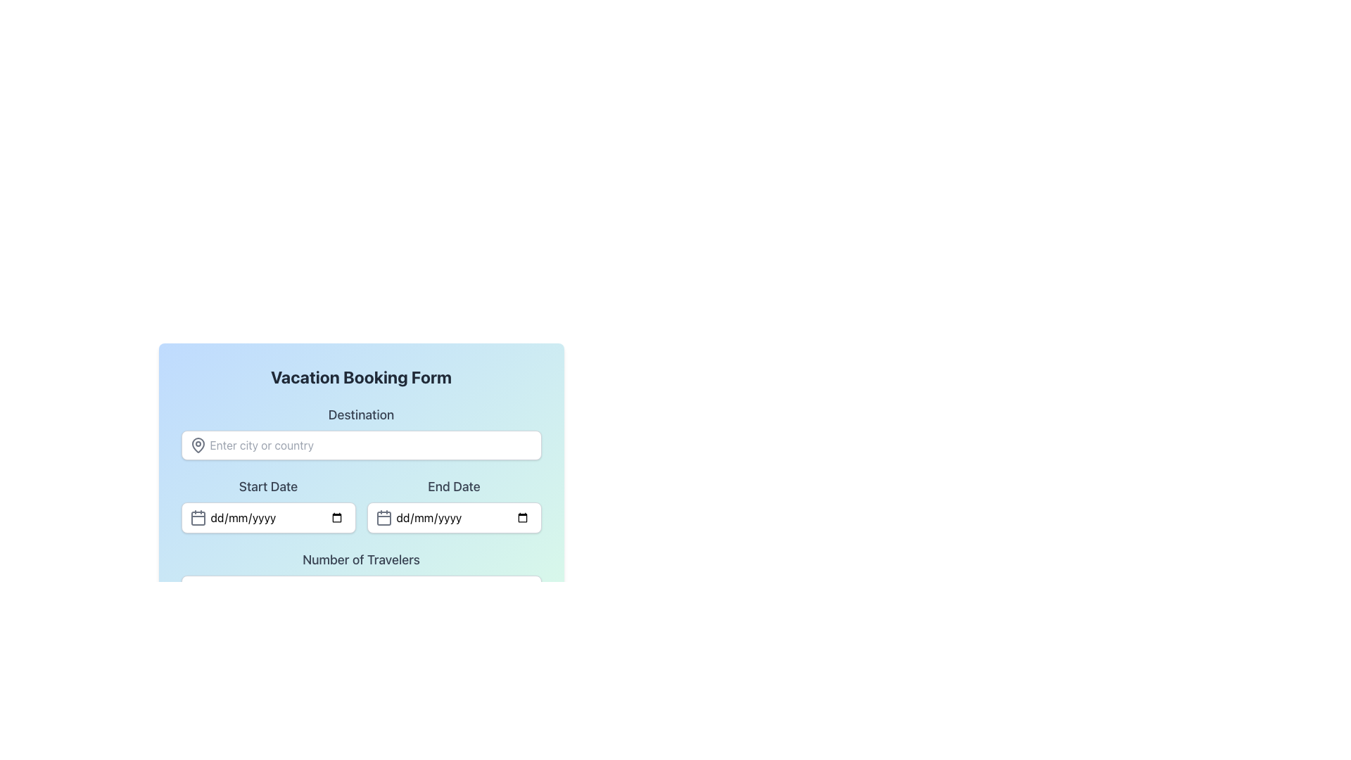 The width and height of the screenshot is (1351, 760). What do you see at coordinates (361, 504) in the screenshot?
I see `the calendar icon in the Date input form group` at bounding box center [361, 504].